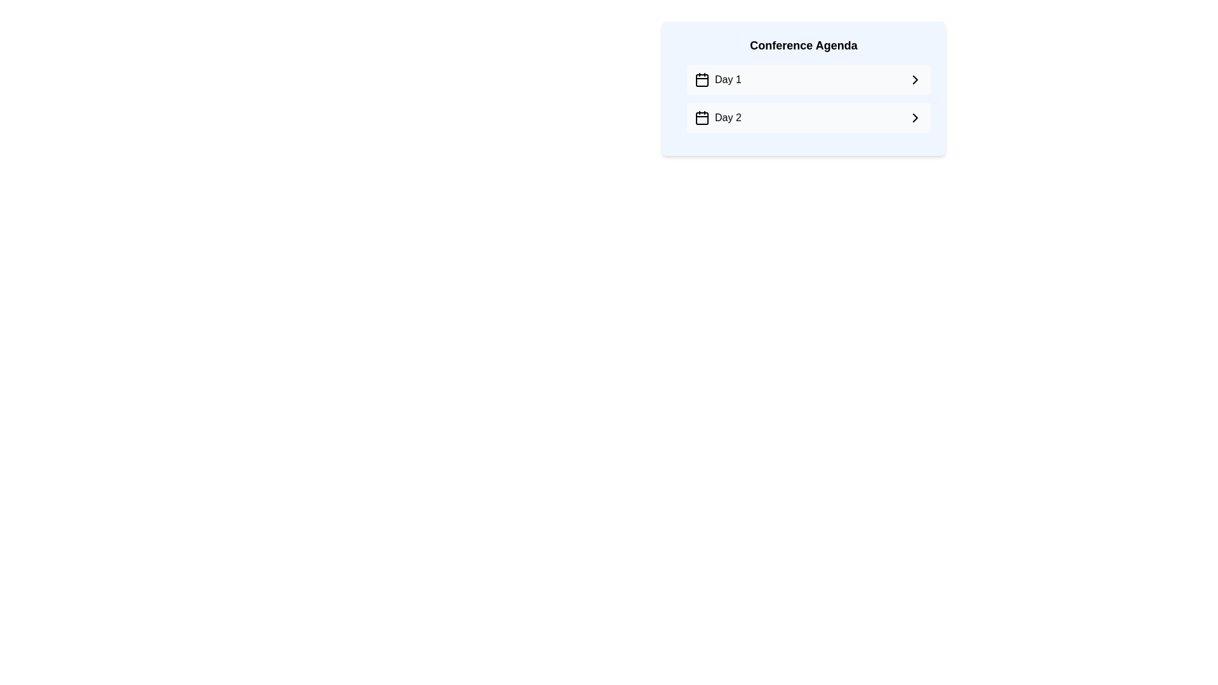 Image resolution: width=1218 pixels, height=685 pixels. What do you see at coordinates (915, 80) in the screenshot?
I see `the Chevron icon located on the far right of the 'Day 1' section` at bounding box center [915, 80].